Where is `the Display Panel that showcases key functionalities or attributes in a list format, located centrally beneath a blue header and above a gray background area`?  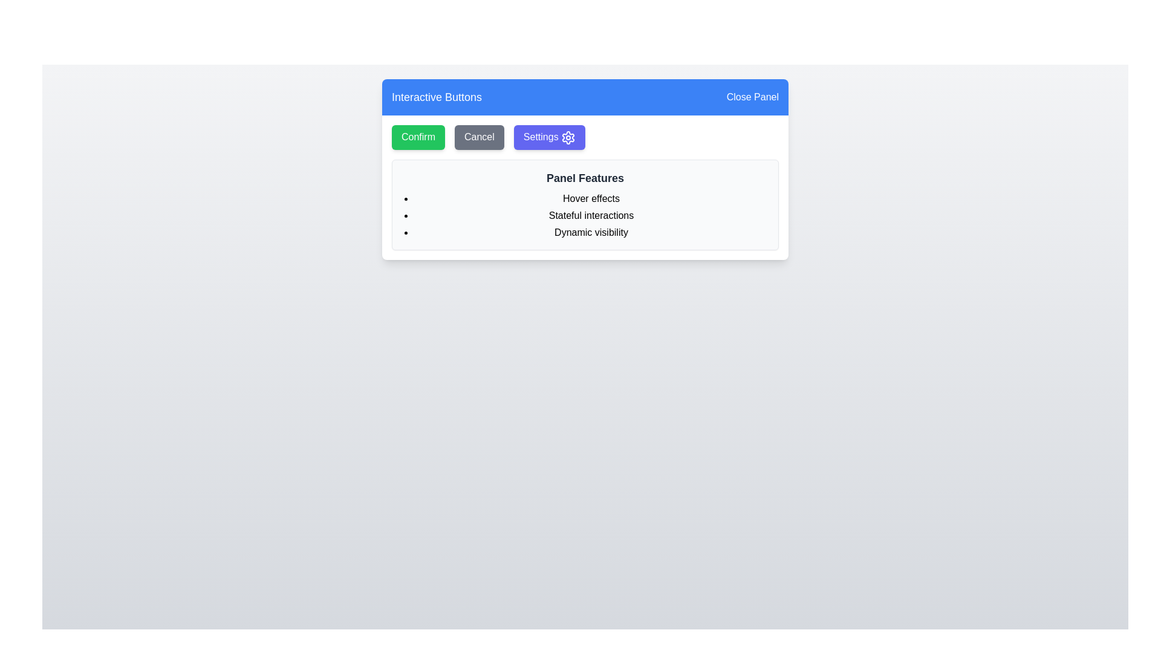 the Display Panel that showcases key functionalities or attributes in a list format, located centrally beneath a blue header and above a gray background area is located at coordinates (585, 169).